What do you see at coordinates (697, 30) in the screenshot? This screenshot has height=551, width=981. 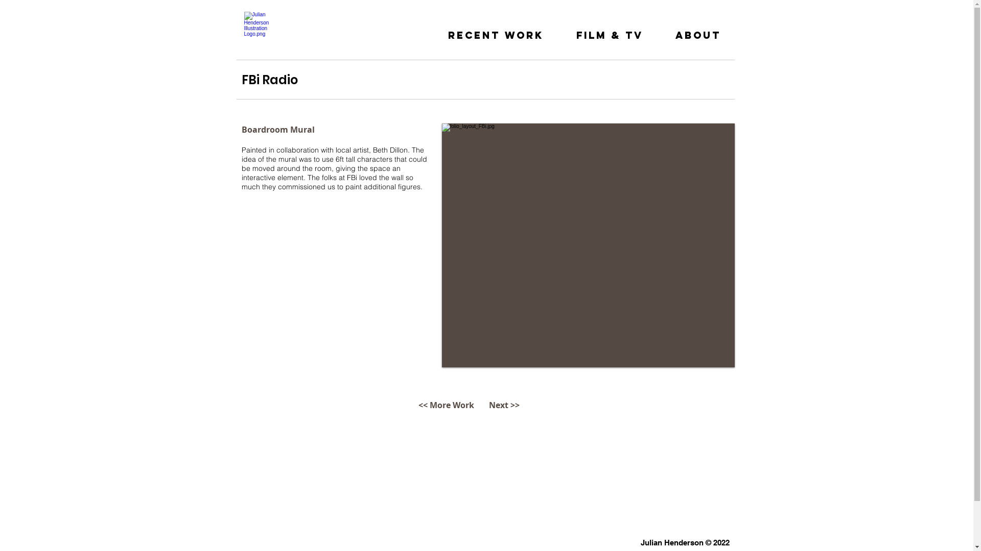 I see `'About'` at bounding box center [697, 30].